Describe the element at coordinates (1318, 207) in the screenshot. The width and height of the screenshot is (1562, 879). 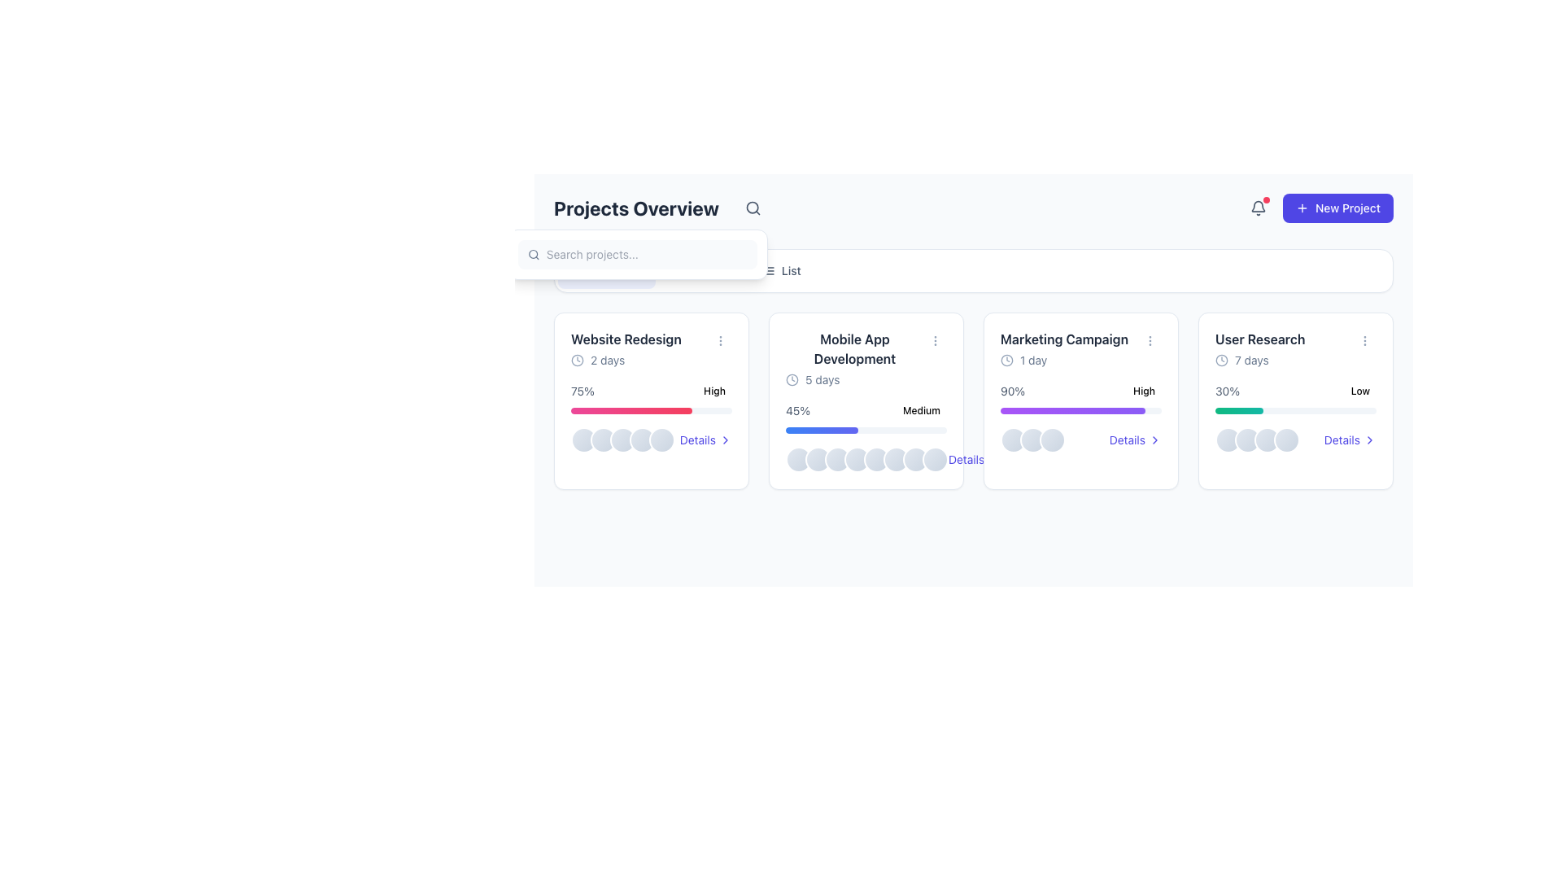
I see `the button located in the top-right corner of the 'Projects Overview' header bar to initiate the new project creation process` at that location.